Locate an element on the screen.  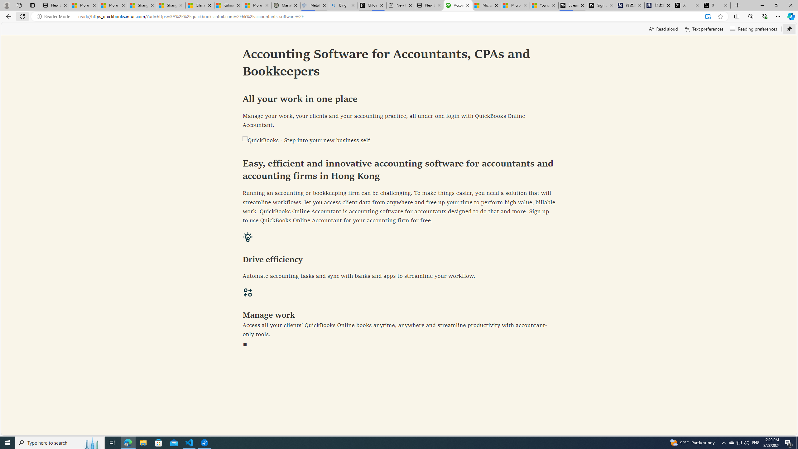
'Streaming Coverage | T3' is located at coordinates (572, 5).